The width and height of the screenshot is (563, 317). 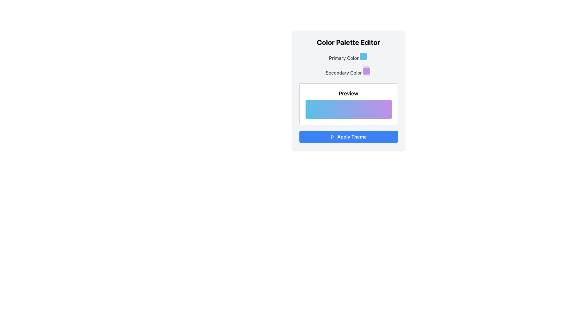 What do you see at coordinates (333, 137) in the screenshot?
I see `the Play Button icon located within the blue 'Apply Theme' button, which signifies the action of starting or playing a process` at bounding box center [333, 137].